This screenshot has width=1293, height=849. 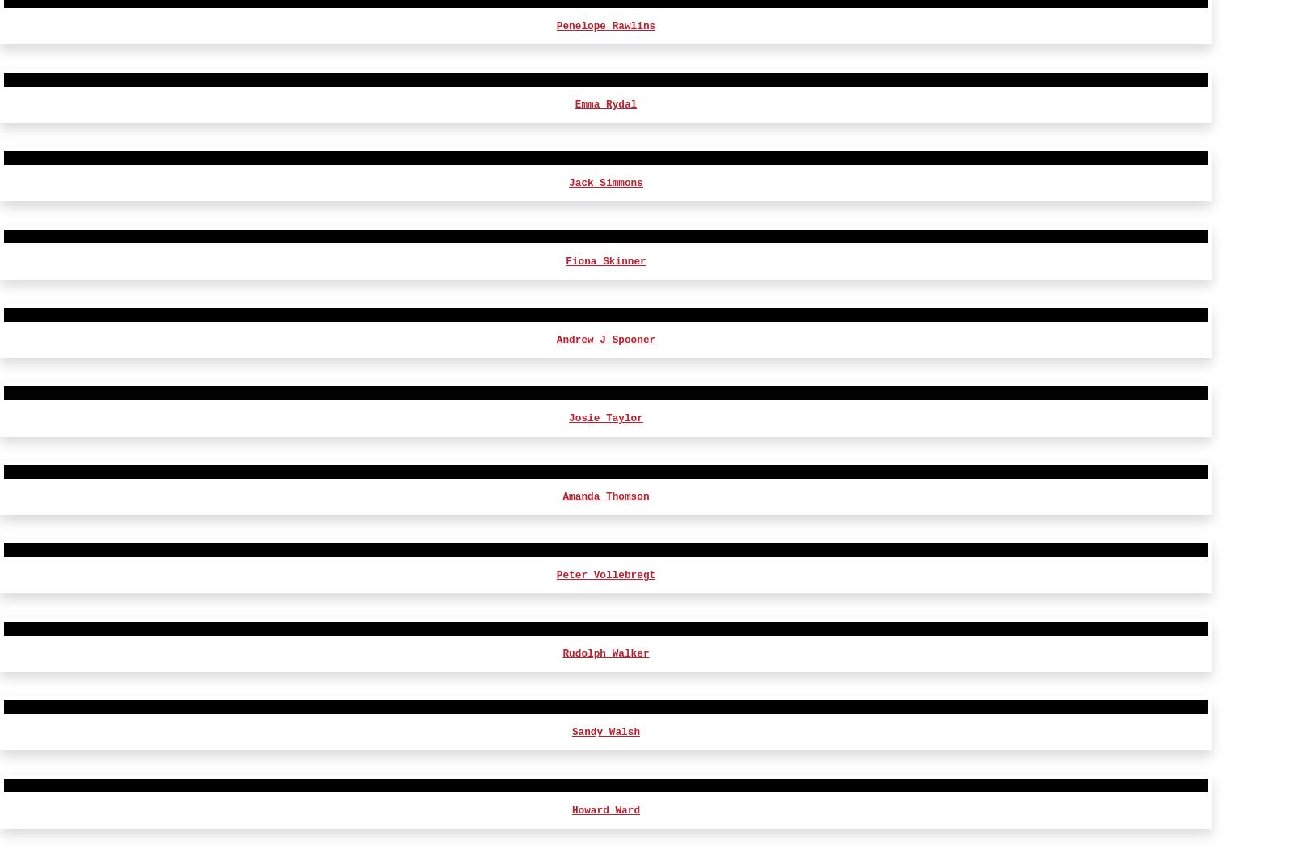 I want to click on 'David Pullan', so click(x=569, y=764).